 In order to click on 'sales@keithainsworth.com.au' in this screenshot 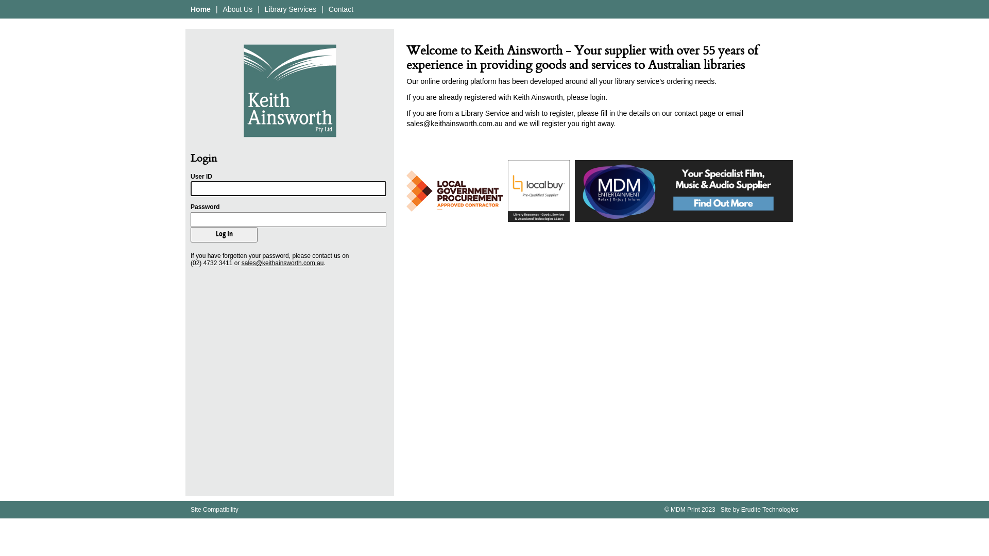, I will do `click(282, 262)`.